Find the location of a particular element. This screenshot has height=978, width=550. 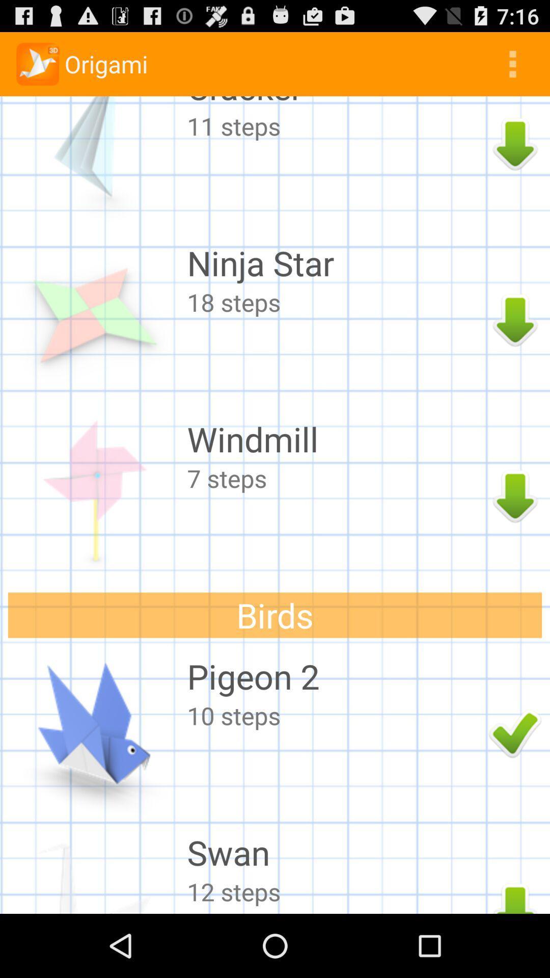

birds item is located at coordinates (275, 614).